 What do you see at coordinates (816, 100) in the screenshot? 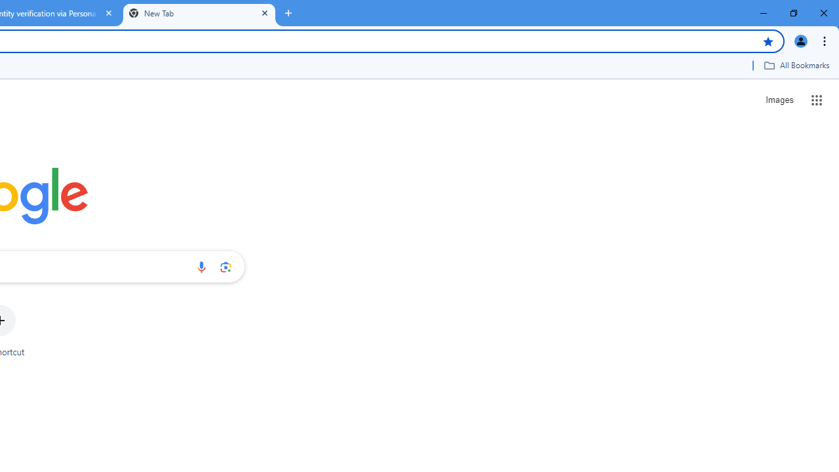
I see `'Google apps'` at bounding box center [816, 100].